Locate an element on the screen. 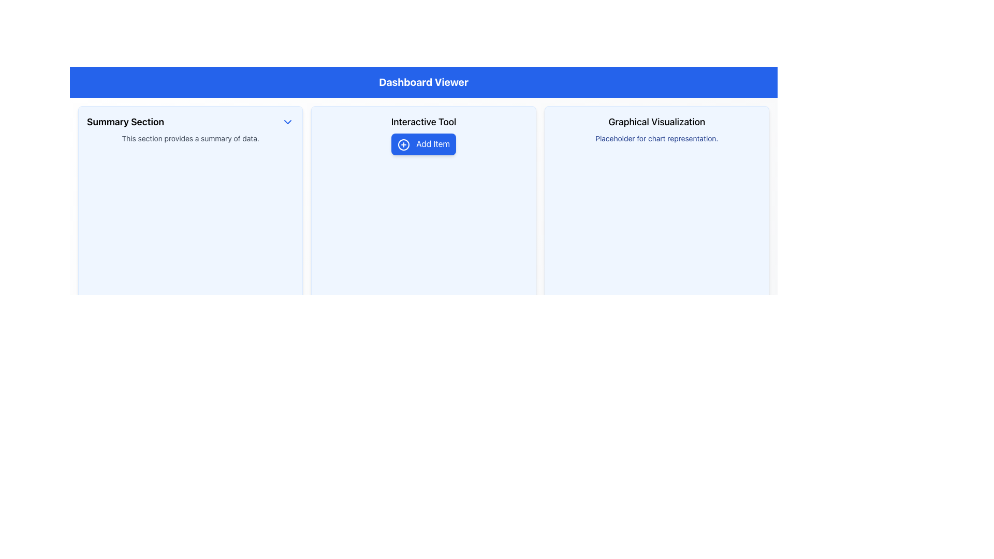 This screenshot has height=559, width=994. the dropdown toggle button located at the far-right edge of the 'Summary Section' header, aligned with the title text 'Summary Section' is located at coordinates (288, 121).